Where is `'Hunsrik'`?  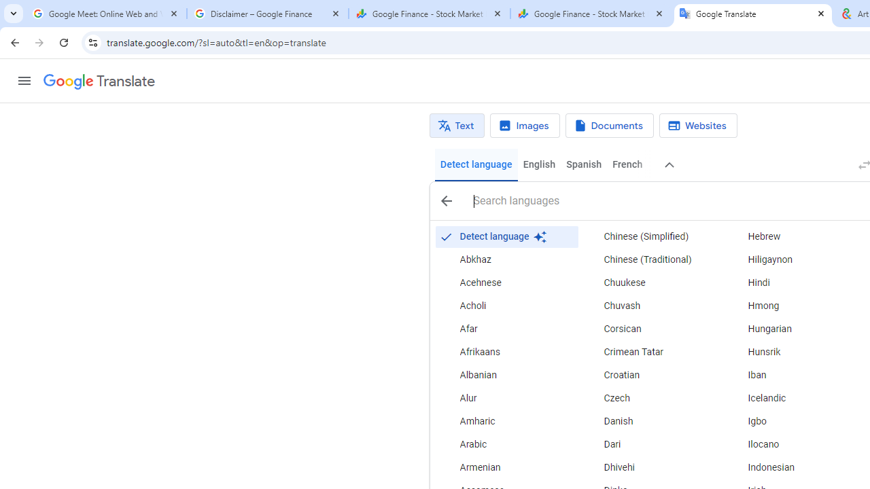
'Hunsrik' is located at coordinates (795, 352).